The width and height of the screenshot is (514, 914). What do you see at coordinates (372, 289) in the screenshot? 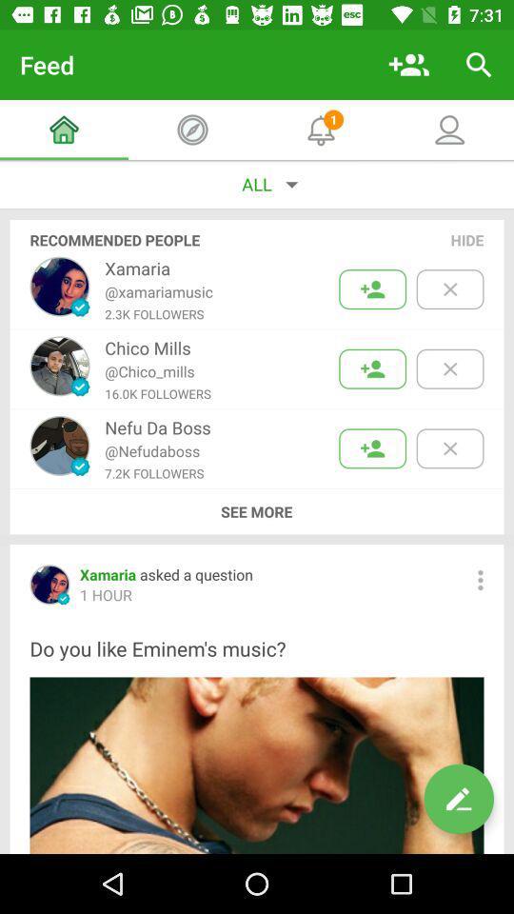
I see `follow person` at bounding box center [372, 289].